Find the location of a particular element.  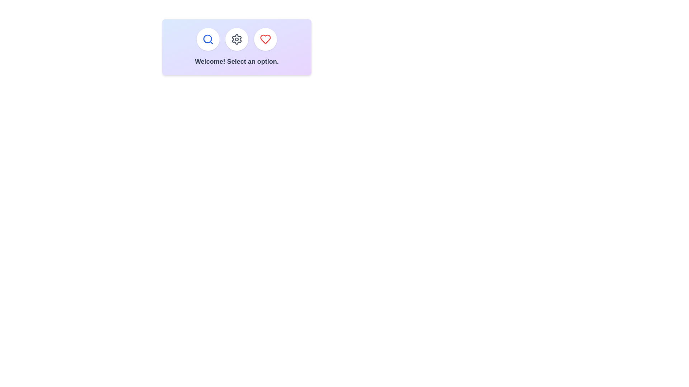

the settings button located in the center of three horizontally arranged buttons, flanked by a magnifying glass icon on the left and a heart icon on the right is located at coordinates (237, 39).